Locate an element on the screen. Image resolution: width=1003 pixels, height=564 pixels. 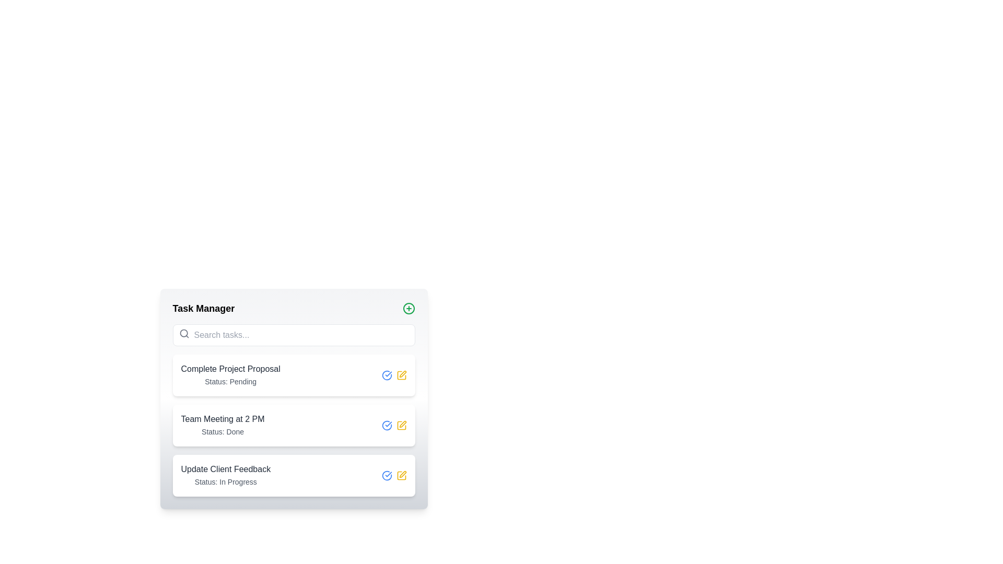
the edit icon button, which is the second icon on the right side of the row for the 'Update Client Feedback' task, to modify the associated task details is located at coordinates (401, 475).